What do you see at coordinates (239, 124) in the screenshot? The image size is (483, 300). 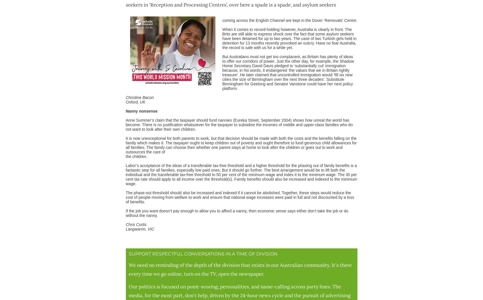 I see `'Anne Summer’s claim that the taxpayer should fund nannies (Eureka Street, September 2004) shows how unreal the world has become. There is no justification whatsoever for the taxpayer to subsidise the incomes of middle and upper-class families who do not want to look after their own children.'` at bounding box center [239, 124].